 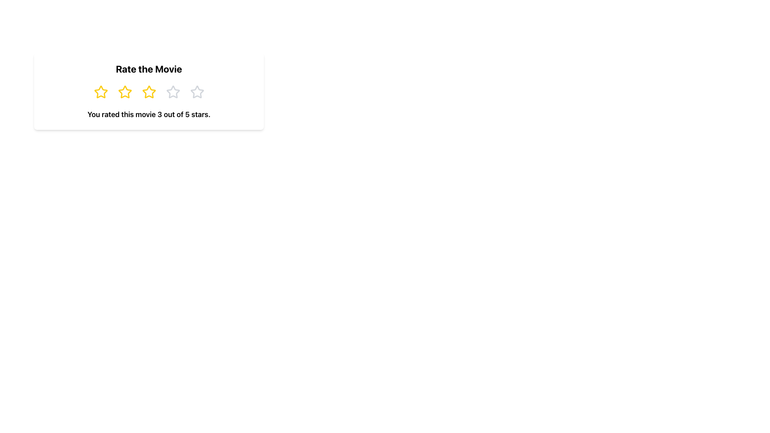 I want to click on the second star icon in the rating system, so click(x=124, y=91).